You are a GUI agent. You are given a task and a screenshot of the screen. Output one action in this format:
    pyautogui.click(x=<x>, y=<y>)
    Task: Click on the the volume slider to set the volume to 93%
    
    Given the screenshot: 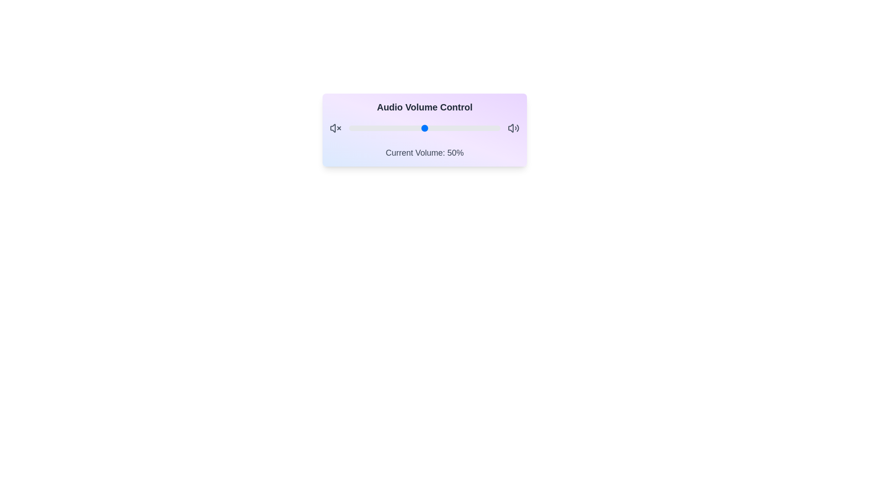 What is the action you would take?
    pyautogui.click(x=490, y=128)
    